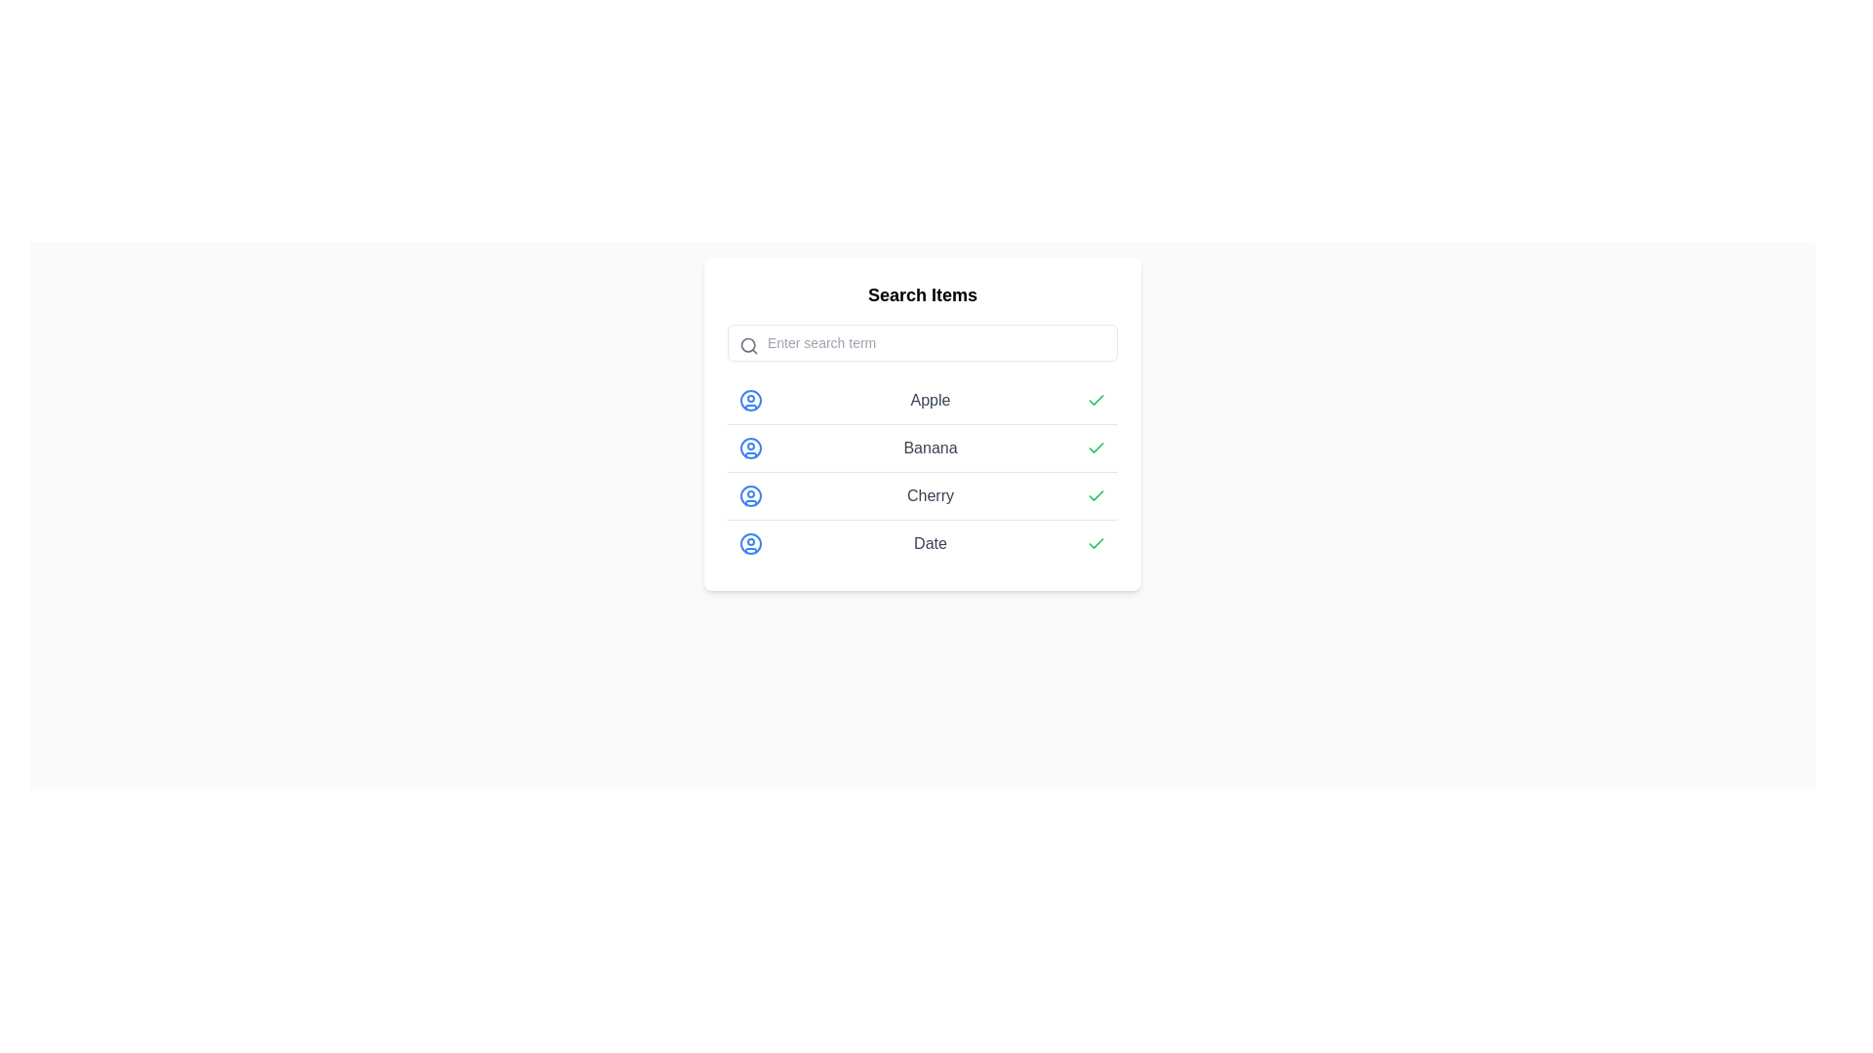 This screenshot has width=1873, height=1053. What do you see at coordinates (1096, 494) in the screenshot?
I see `the green SVG Icon that signifies the item 'Cherry' is marked or approved, located third in the vertical list of icons` at bounding box center [1096, 494].